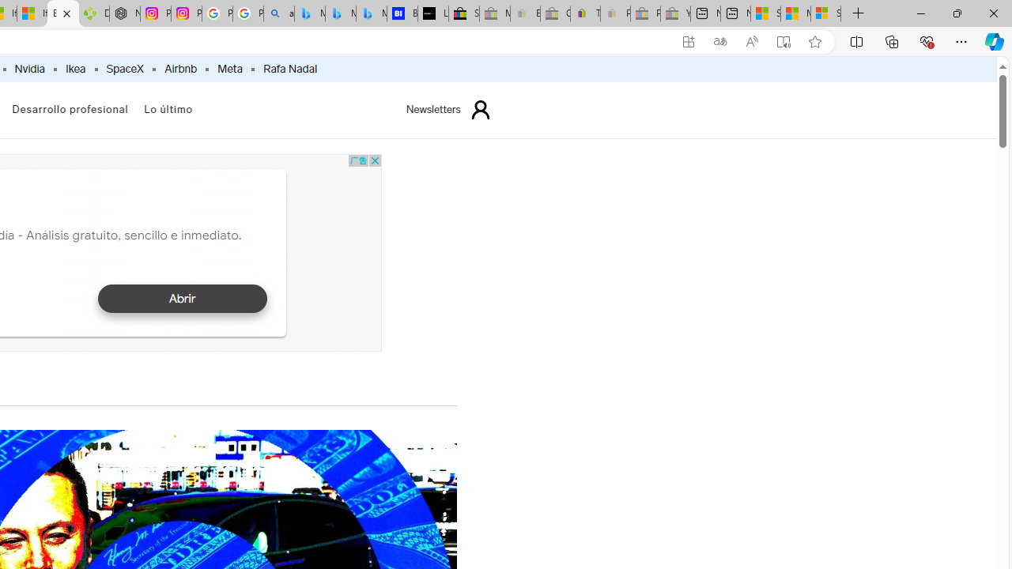 The width and height of the screenshot is (1012, 569). Describe the element at coordinates (290, 69) in the screenshot. I see `'Rafa Nadal'` at that location.